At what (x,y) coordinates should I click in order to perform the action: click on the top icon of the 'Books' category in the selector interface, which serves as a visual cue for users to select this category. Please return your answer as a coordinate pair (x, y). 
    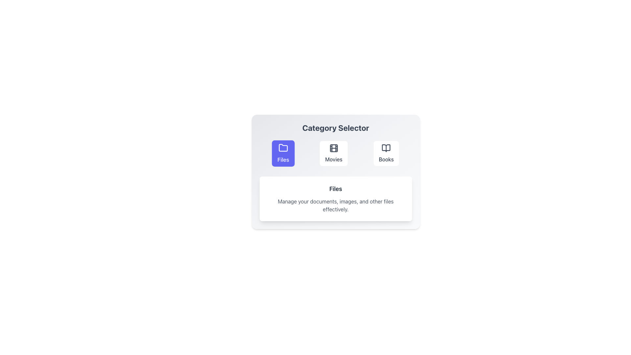
    Looking at the image, I should click on (386, 148).